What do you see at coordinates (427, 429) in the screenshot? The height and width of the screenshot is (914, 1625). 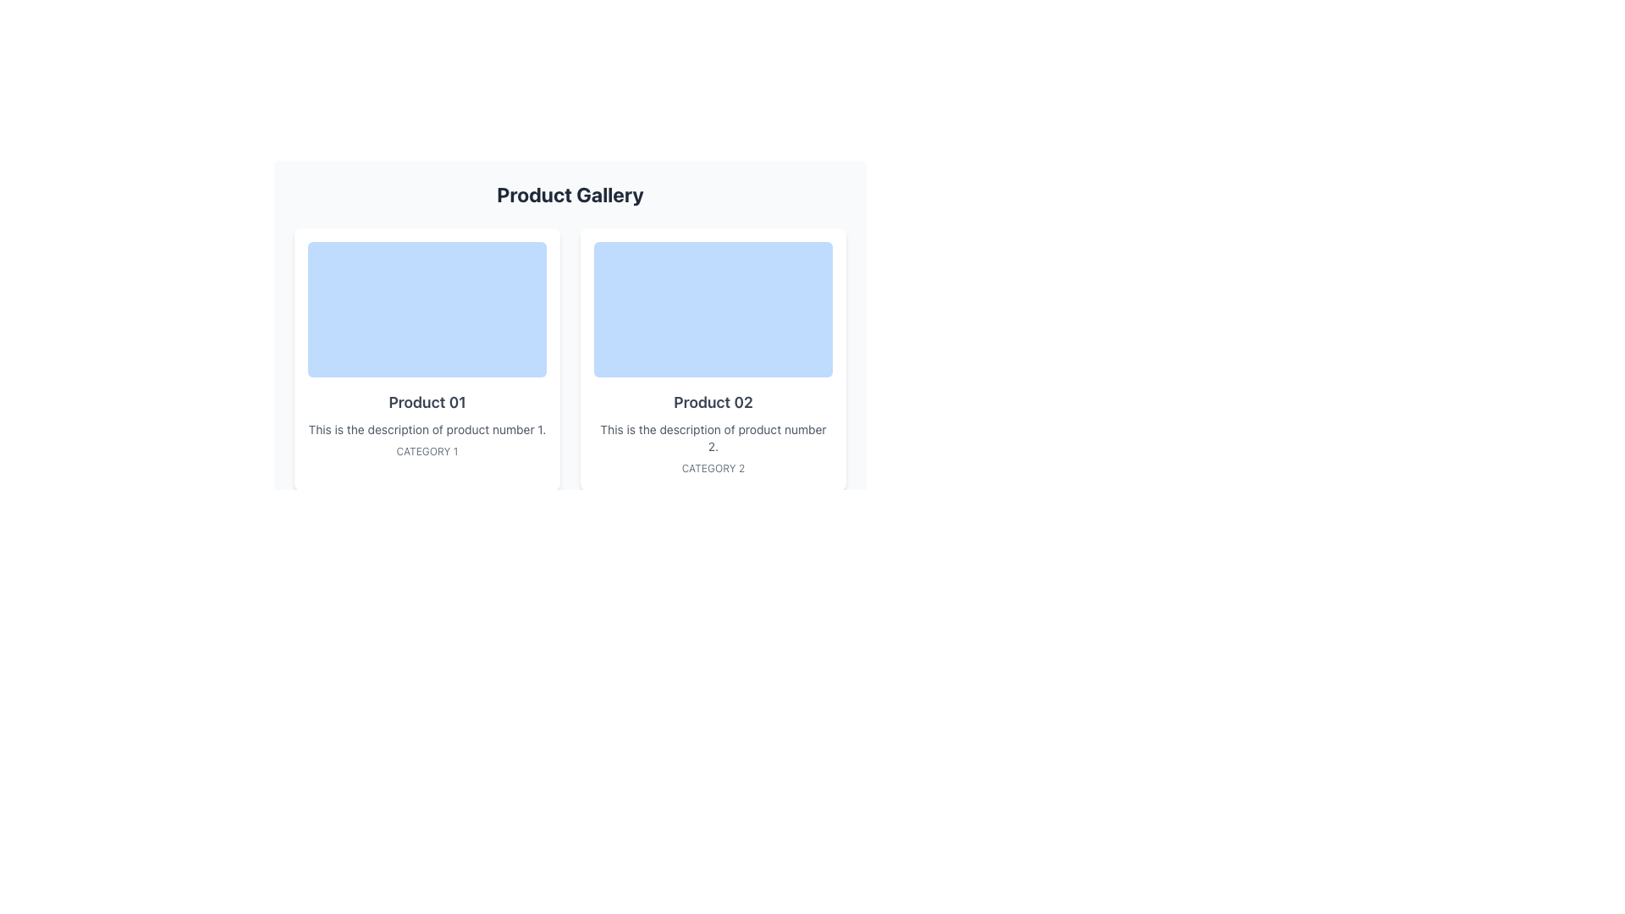 I see `the content of the text block displayed in a smaller font size` at bounding box center [427, 429].